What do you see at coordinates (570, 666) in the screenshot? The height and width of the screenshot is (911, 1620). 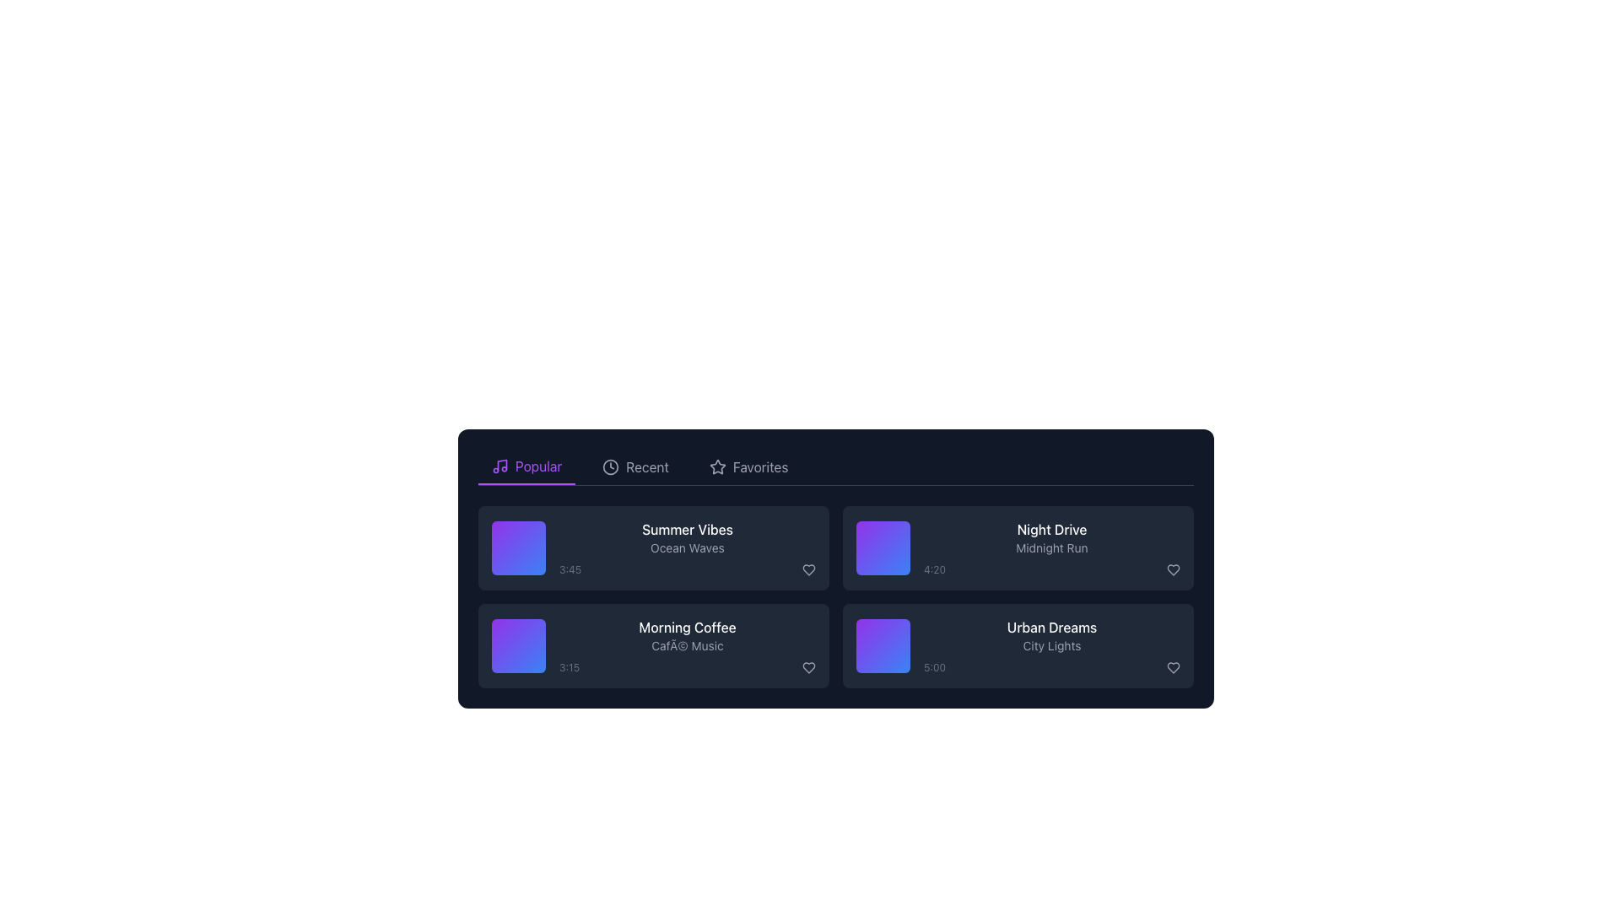 I see `the static text displaying the duration of the 'Morning Coffee' media item located in the lower right section of its card` at bounding box center [570, 666].